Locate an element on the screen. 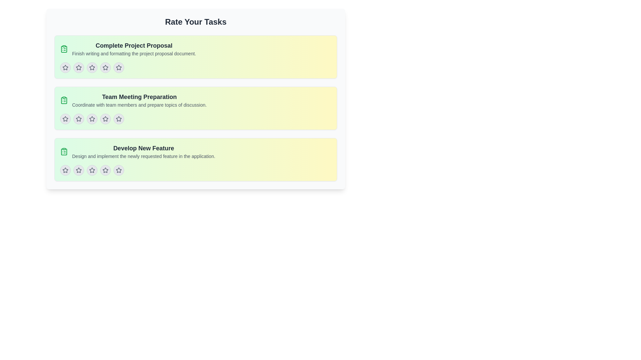  the first star rating icon in the 'Develop New Feature' row is located at coordinates (78, 170).